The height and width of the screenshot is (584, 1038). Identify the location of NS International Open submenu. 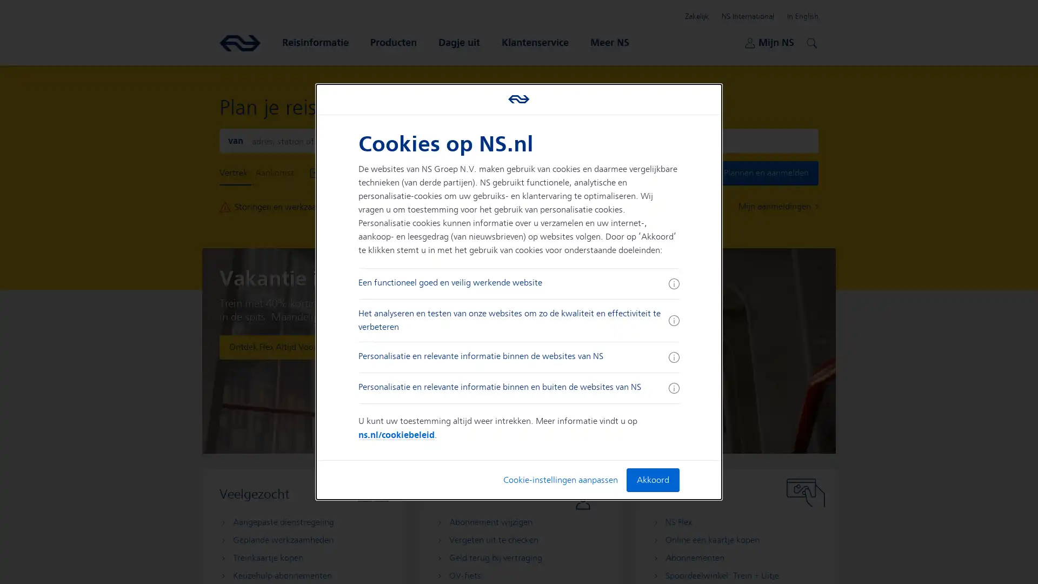
(747, 16).